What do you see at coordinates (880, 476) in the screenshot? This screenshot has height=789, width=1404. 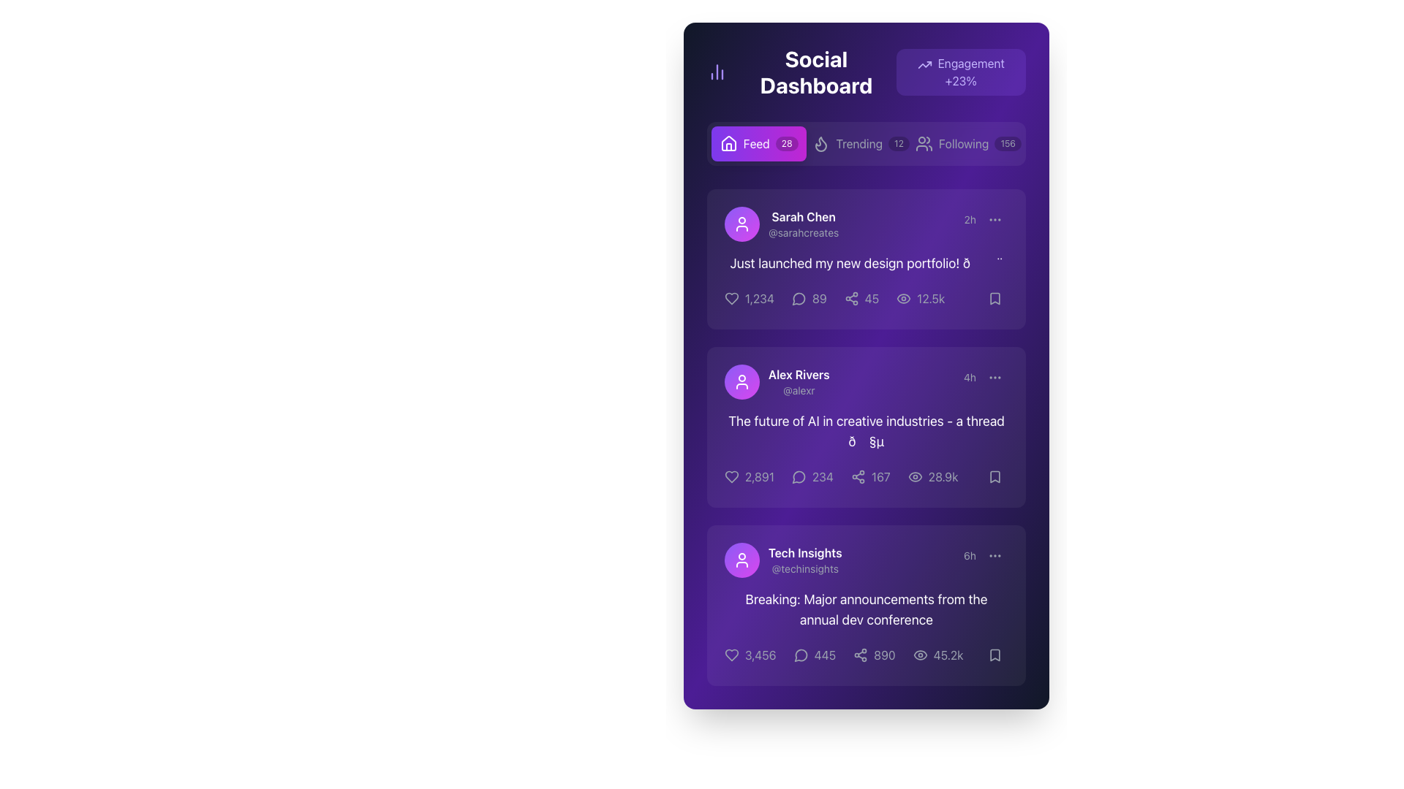 I see `the text label displaying '167', which represents the number of shares or interactions, located to the right of the share-like icon in the lower section of the second post` at bounding box center [880, 476].